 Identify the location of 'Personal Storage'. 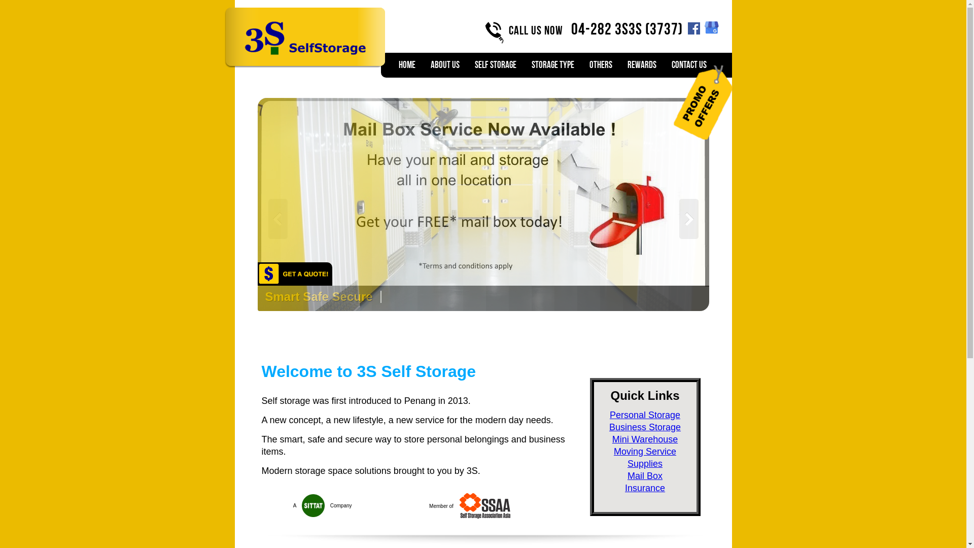
(644, 415).